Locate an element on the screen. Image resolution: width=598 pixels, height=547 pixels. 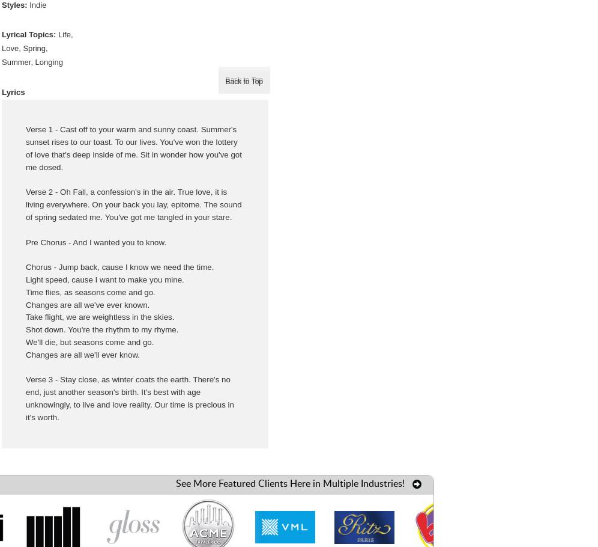
'Changes are all we've ever known.' is located at coordinates (87, 304).